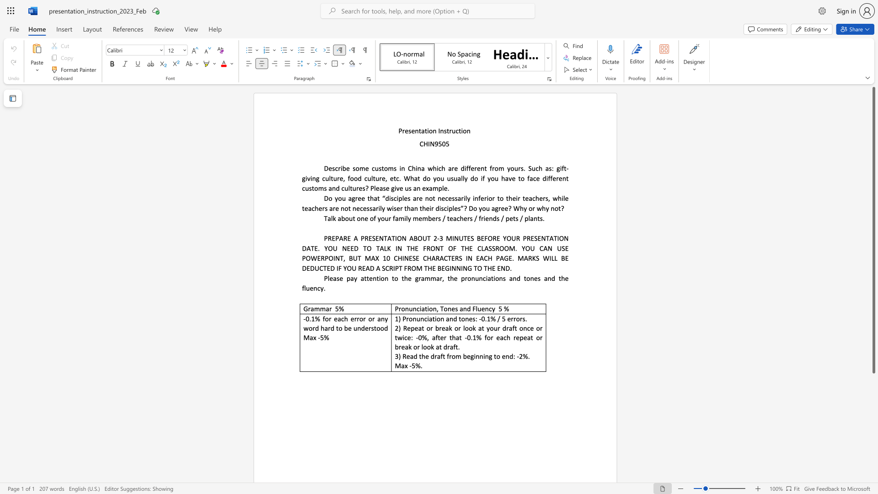 This screenshot has height=494, width=878. I want to click on the scrollbar to scroll the page down, so click(873, 434).